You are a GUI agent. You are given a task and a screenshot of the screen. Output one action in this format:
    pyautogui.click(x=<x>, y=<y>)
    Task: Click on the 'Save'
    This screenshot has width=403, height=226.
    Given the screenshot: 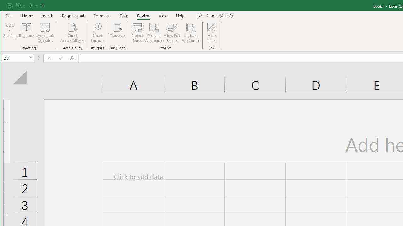 What is the action you would take?
    pyautogui.click(x=9, y=5)
    